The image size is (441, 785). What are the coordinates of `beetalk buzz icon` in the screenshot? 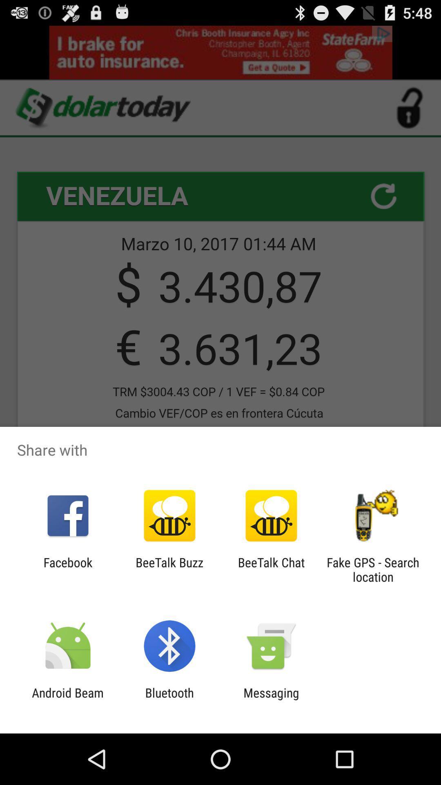 It's located at (169, 569).